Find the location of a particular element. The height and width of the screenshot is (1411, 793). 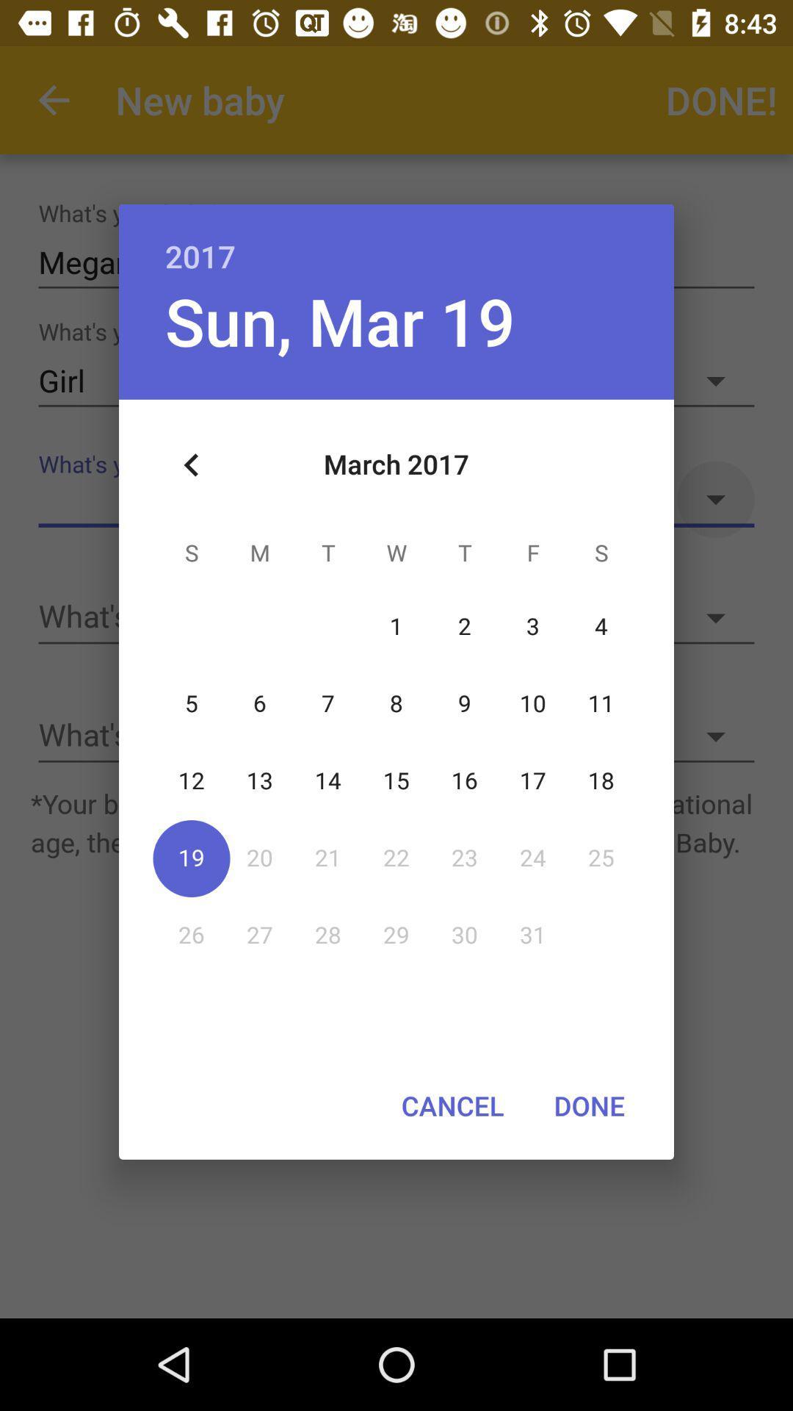

the 2017 item is located at coordinates (396, 240).